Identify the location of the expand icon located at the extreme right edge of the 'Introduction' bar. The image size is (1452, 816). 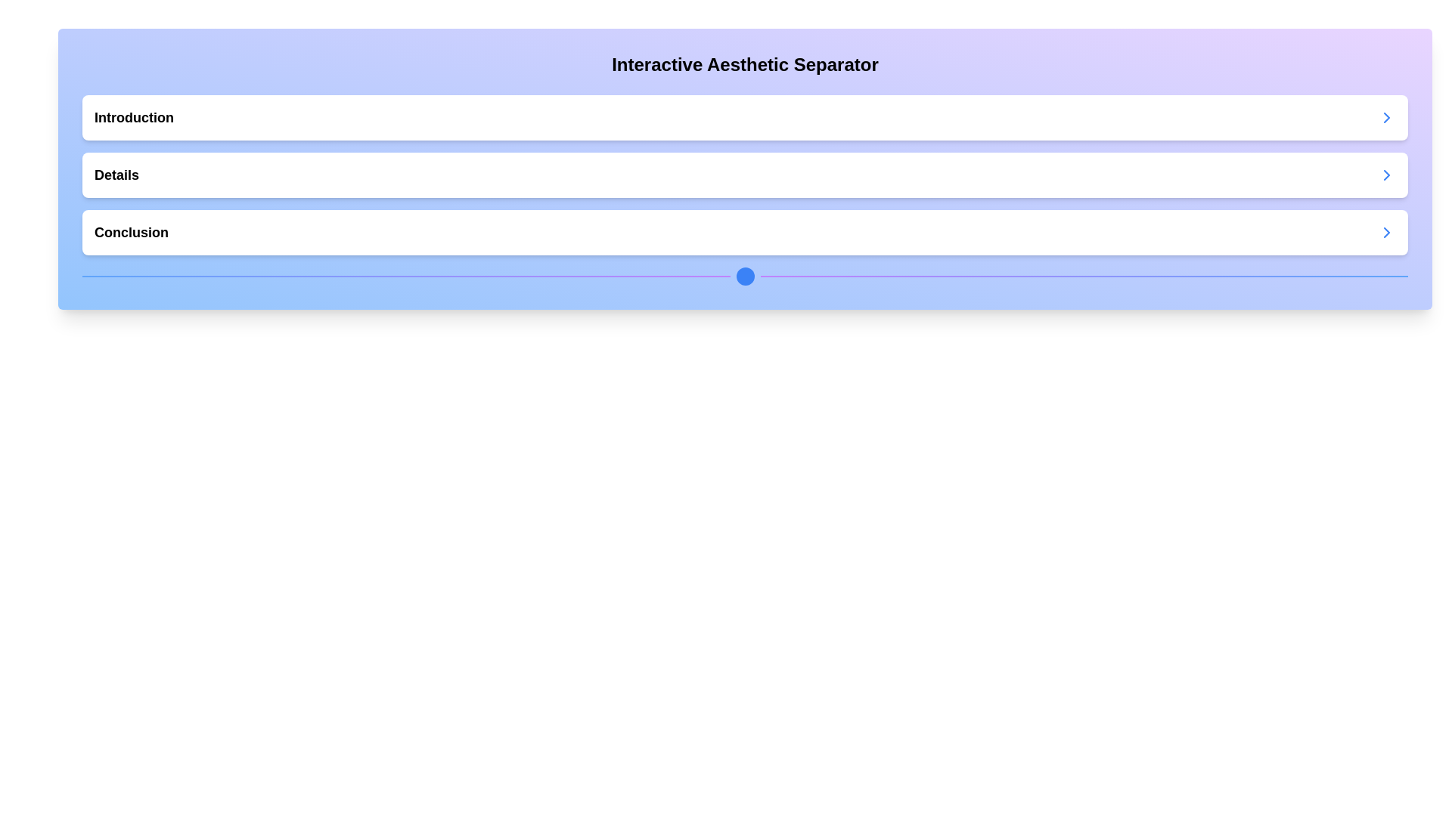
(1386, 116).